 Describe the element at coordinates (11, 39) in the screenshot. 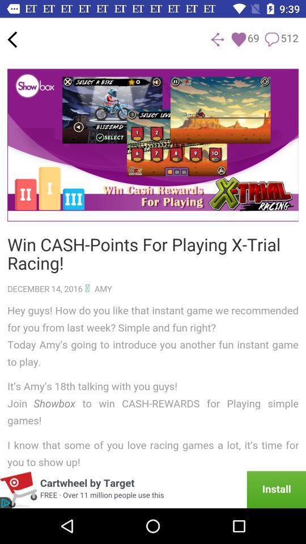

I see `the arrow_backward icon` at that location.